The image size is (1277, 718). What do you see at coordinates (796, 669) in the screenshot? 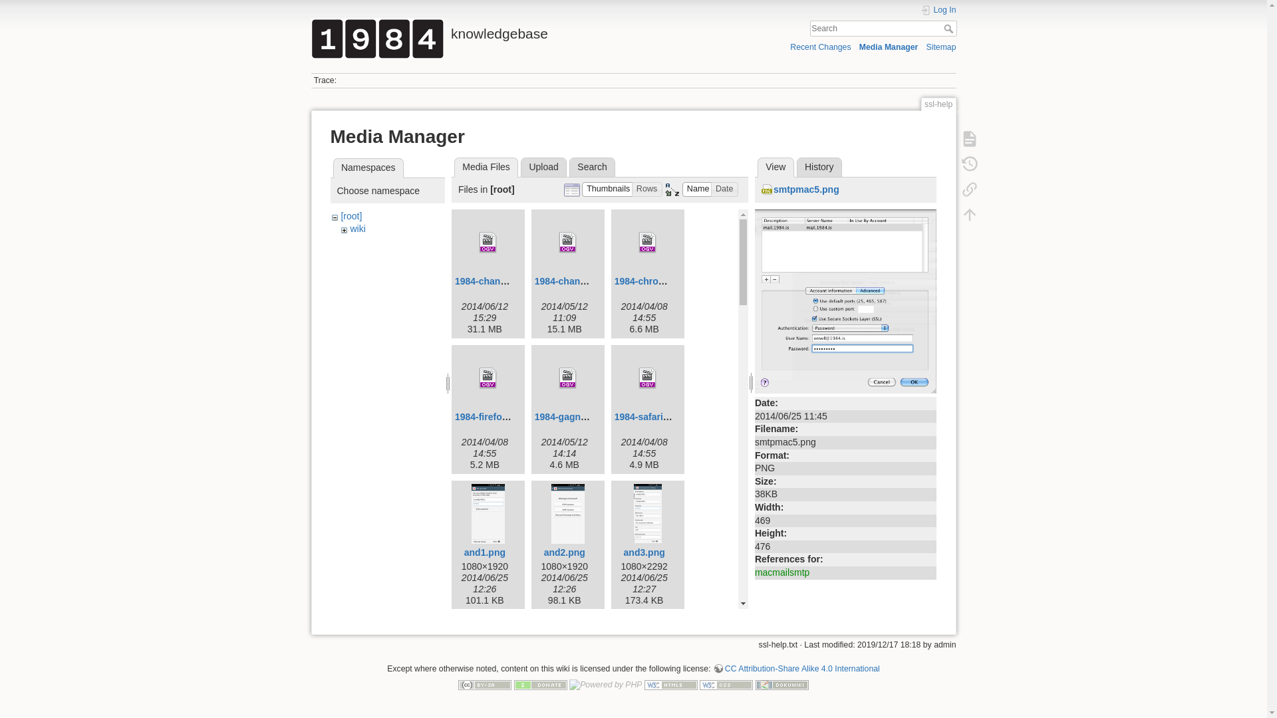
I see `'CC Attribution-Share Alike 4.0 International'` at bounding box center [796, 669].